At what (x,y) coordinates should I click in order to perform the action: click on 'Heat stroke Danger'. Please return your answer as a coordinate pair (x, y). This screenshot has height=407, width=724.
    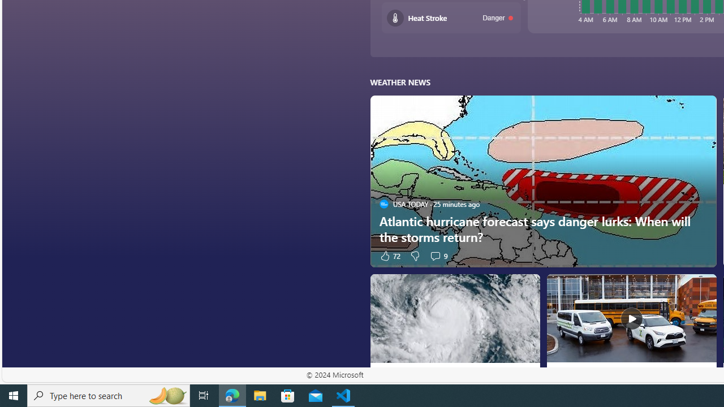
    Looking at the image, I should click on (451, 18).